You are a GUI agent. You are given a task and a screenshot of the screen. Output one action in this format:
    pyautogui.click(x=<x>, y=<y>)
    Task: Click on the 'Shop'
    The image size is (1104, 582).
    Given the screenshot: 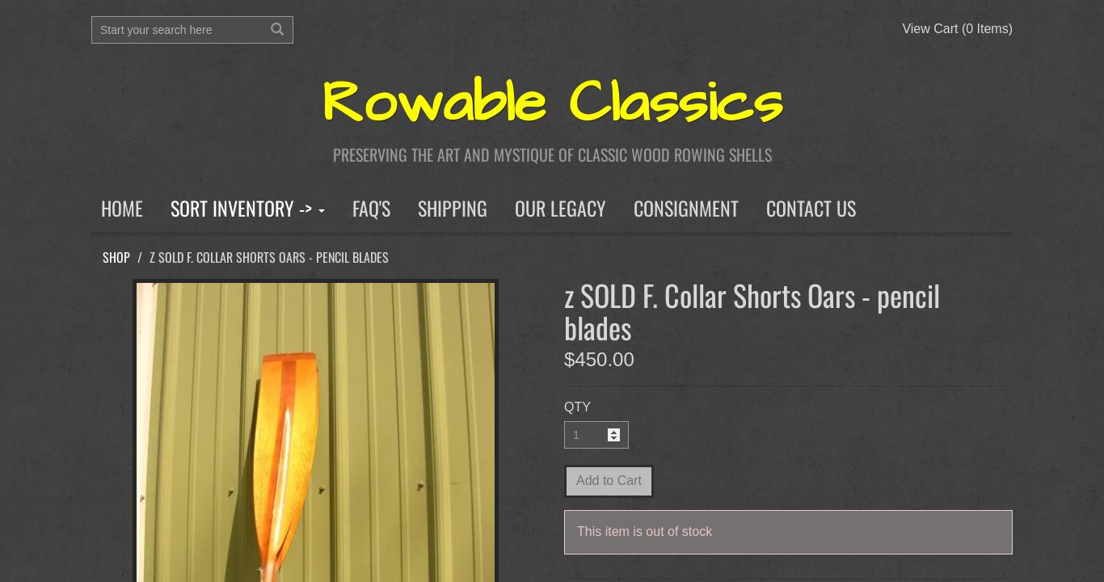 What is the action you would take?
    pyautogui.click(x=102, y=256)
    